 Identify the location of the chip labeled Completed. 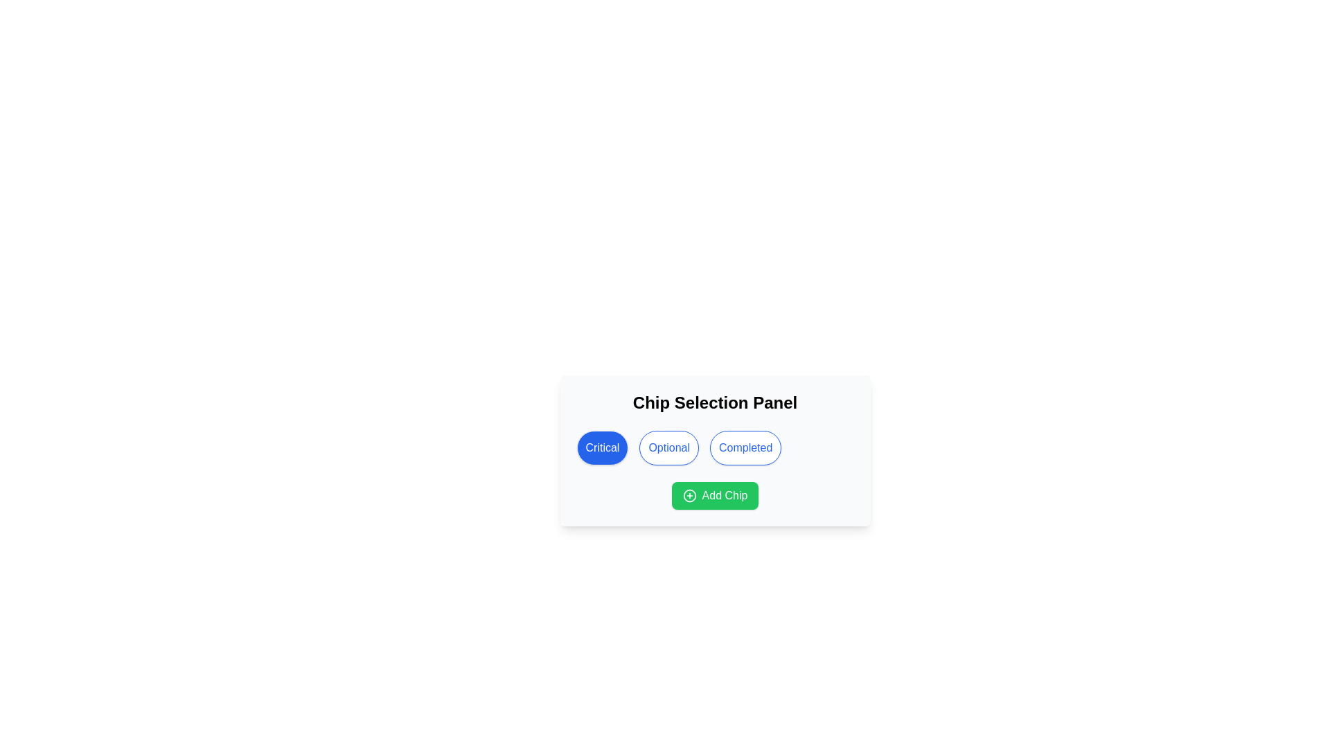
(745, 448).